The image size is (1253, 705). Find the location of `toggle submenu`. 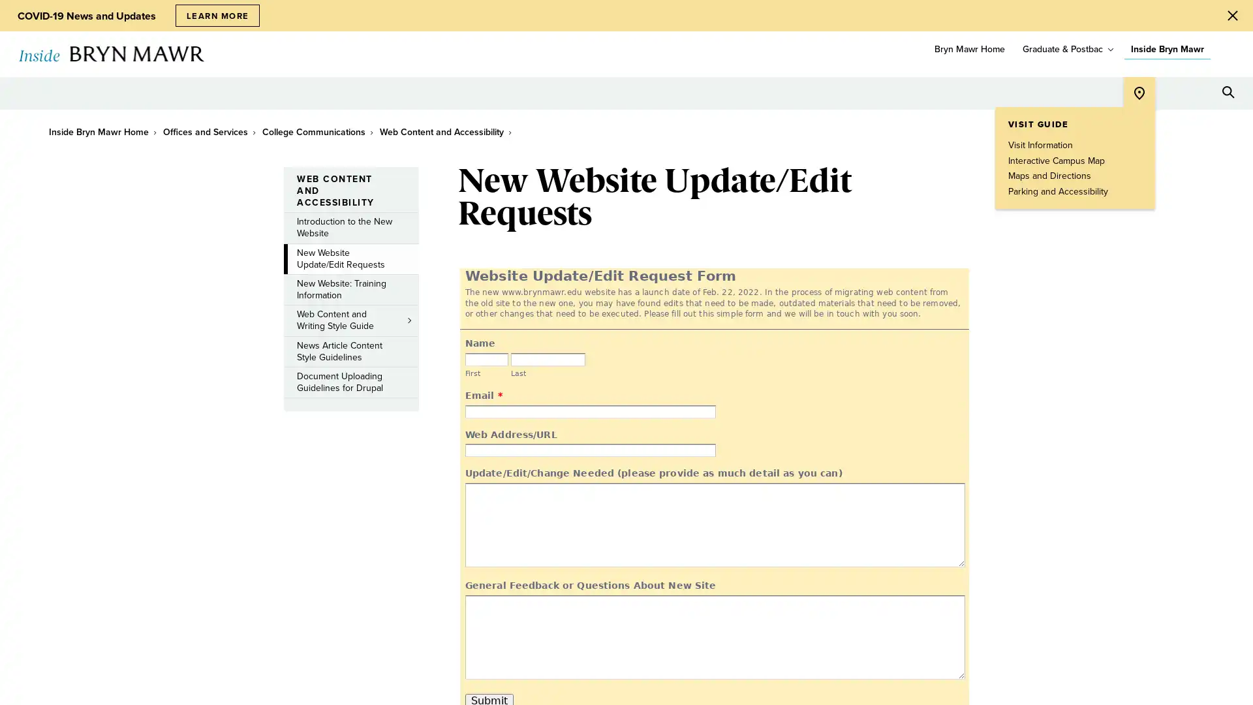

toggle submenu is located at coordinates (585, 85).